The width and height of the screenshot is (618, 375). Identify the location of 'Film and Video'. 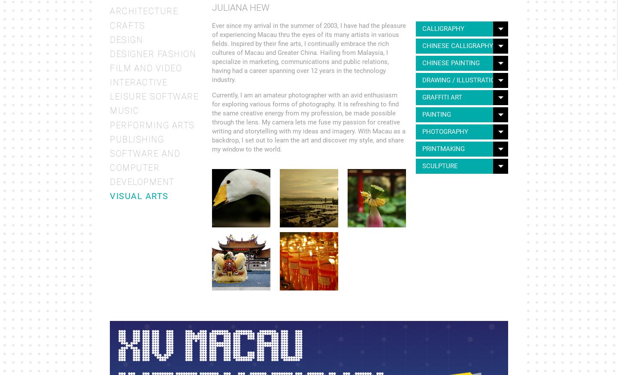
(145, 67).